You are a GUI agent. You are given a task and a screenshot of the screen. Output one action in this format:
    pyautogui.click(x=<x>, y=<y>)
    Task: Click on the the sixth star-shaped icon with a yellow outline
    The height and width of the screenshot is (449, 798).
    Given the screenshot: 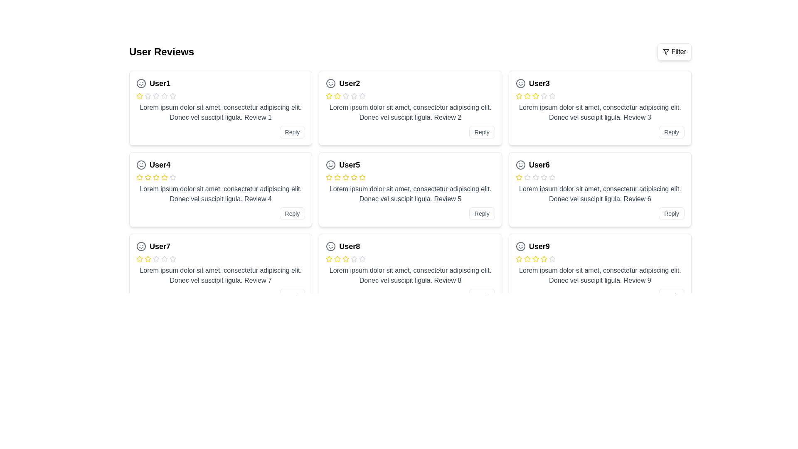 What is the action you would take?
    pyautogui.click(x=164, y=177)
    